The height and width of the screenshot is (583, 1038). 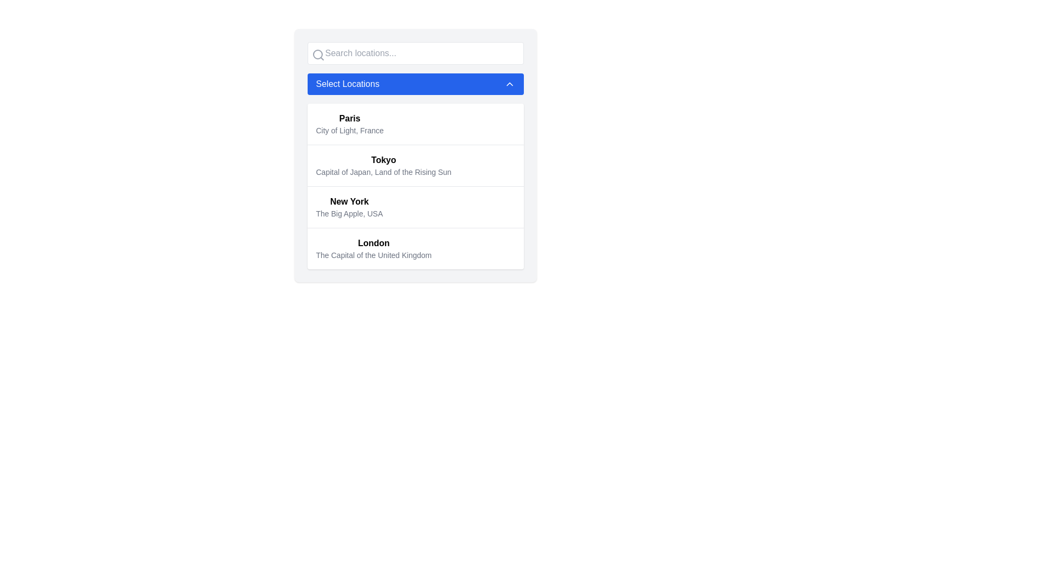 What do you see at coordinates (383, 166) in the screenshot?
I see `the List item containing the bolded header text 'Tokyo' and the description 'Capital of Japan, Land of the Rising Sun', which is the second item in a list of locations` at bounding box center [383, 166].